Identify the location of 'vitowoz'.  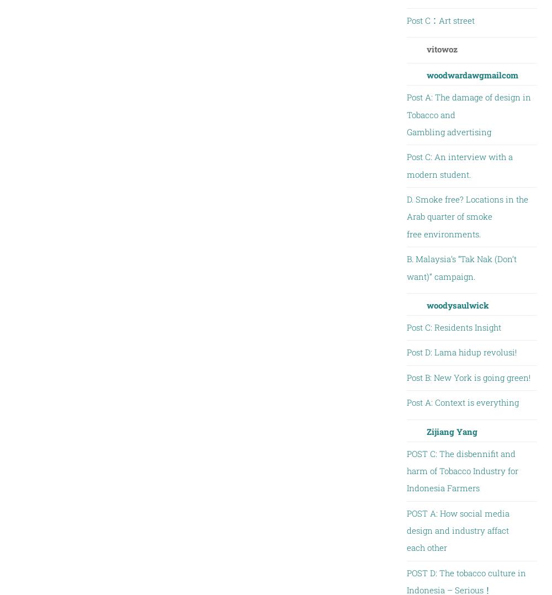
(442, 49).